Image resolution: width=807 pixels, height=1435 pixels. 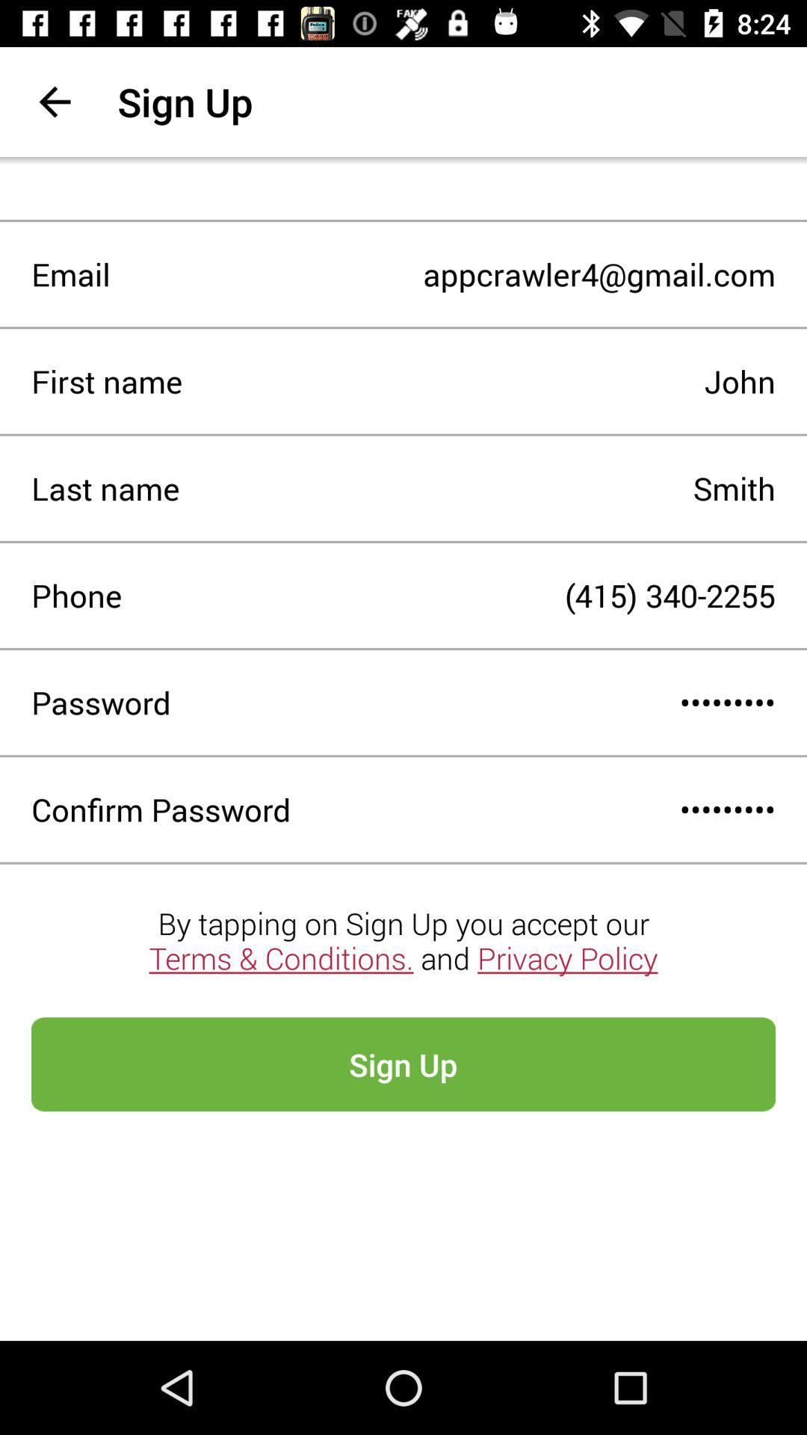 I want to click on the (415) 340-2255 item, so click(x=448, y=594).